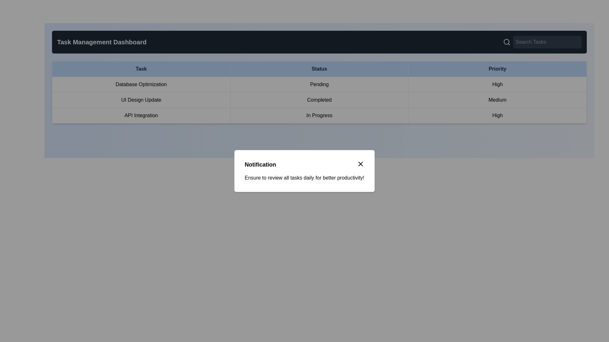 This screenshot has width=609, height=342. What do you see at coordinates (319, 116) in the screenshot?
I see `the 'In Progress' table cell` at bounding box center [319, 116].